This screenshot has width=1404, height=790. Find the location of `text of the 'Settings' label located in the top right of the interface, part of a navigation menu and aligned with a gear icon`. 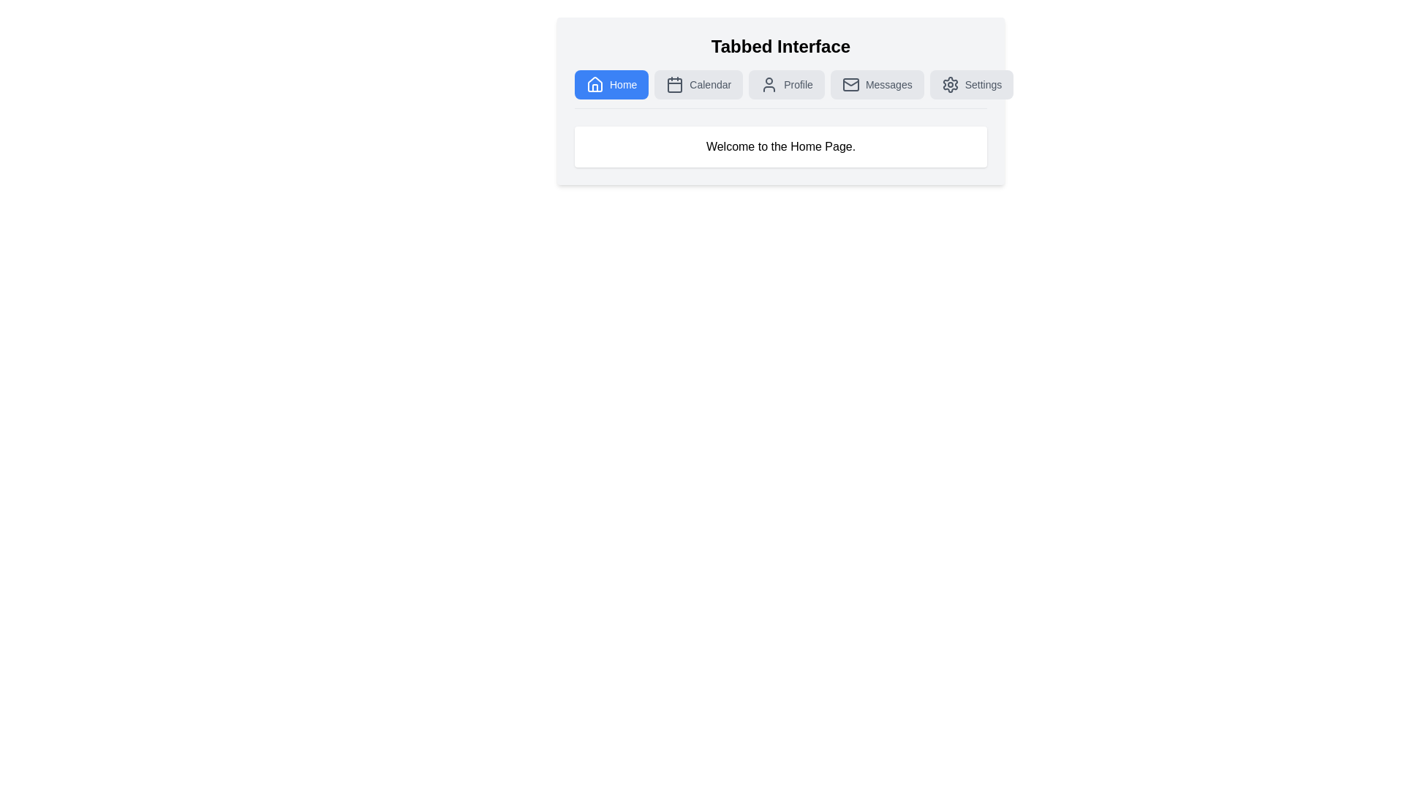

text of the 'Settings' label located in the top right of the interface, part of a navigation menu and aligned with a gear icon is located at coordinates (983, 84).